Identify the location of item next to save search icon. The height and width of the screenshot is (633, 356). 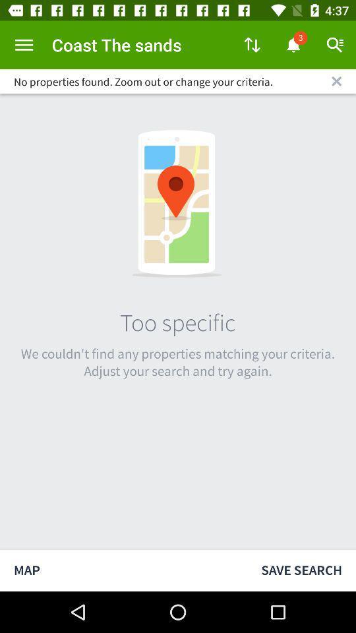
(123, 570).